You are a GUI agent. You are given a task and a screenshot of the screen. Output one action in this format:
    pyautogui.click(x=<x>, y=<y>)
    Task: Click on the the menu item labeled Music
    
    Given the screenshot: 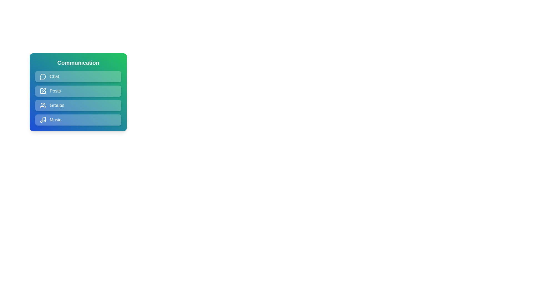 What is the action you would take?
    pyautogui.click(x=78, y=120)
    